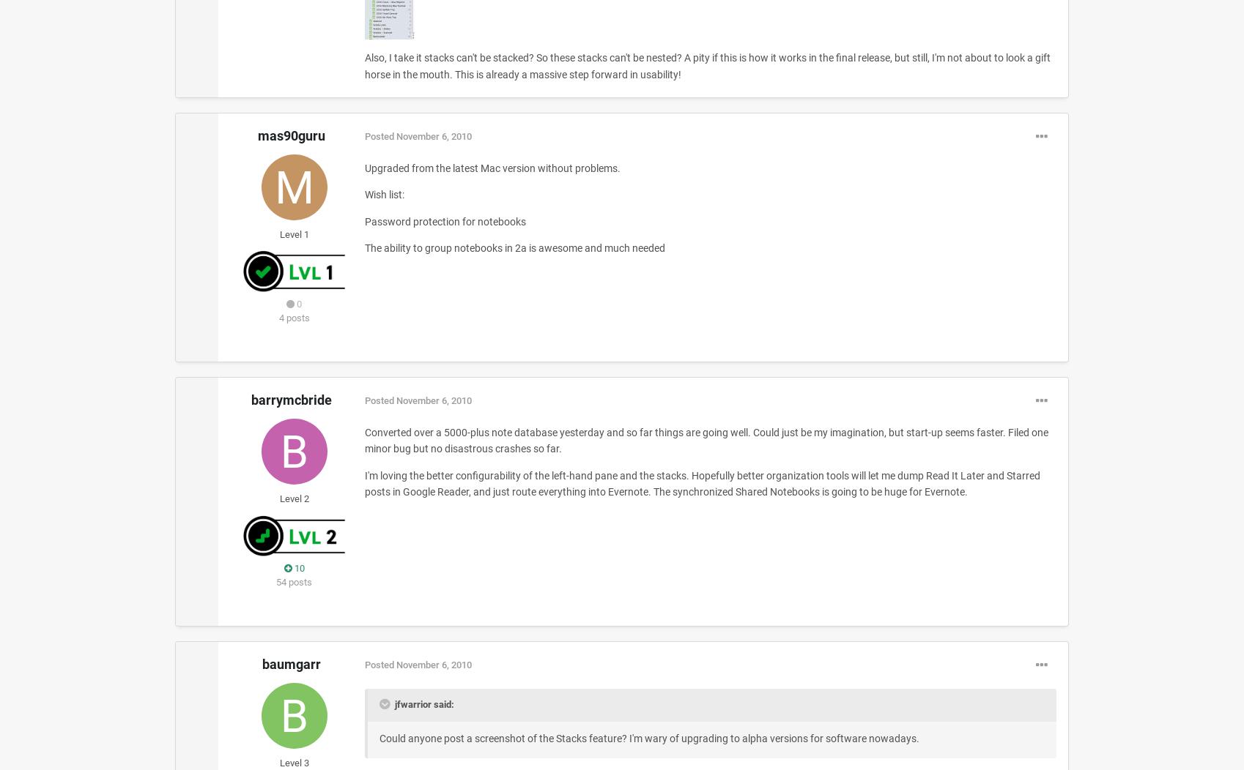 The image size is (1244, 770). What do you see at coordinates (363, 439) in the screenshot?
I see `'Converted over a 5000-plus note database yesterday and so far things are going well. Could just be my imagination, but start-up seems faster. Filed one minor bug but no disastrous crashes so far.'` at bounding box center [363, 439].